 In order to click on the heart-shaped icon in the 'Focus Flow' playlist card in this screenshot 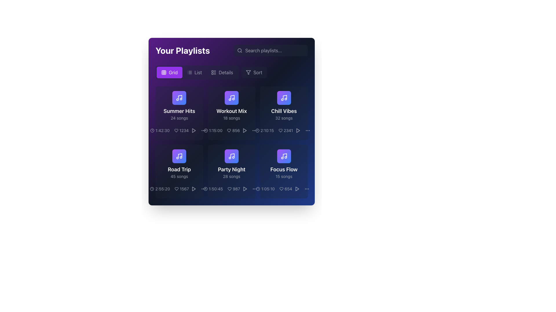, I will do `click(281, 189)`.